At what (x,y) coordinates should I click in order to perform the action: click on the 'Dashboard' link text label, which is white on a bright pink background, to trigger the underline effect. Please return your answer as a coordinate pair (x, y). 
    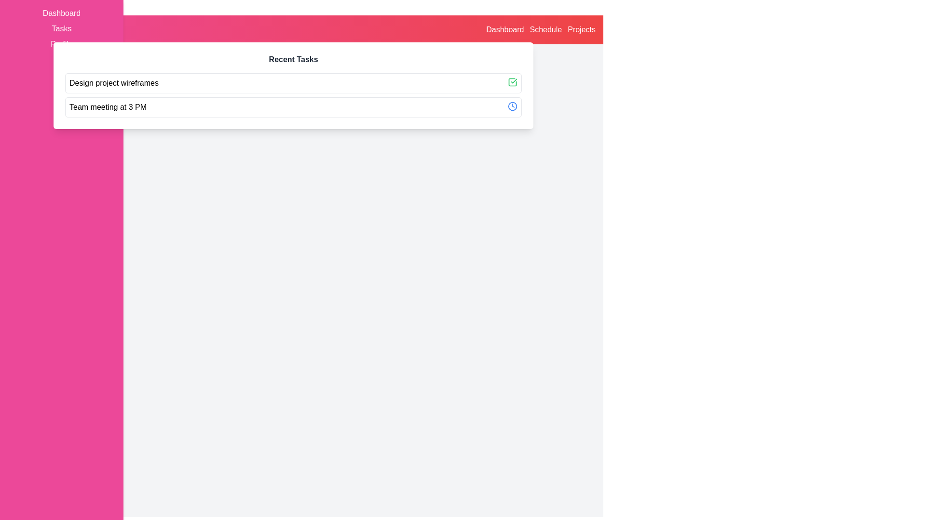
    Looking at the image, I should click on (61, 13).